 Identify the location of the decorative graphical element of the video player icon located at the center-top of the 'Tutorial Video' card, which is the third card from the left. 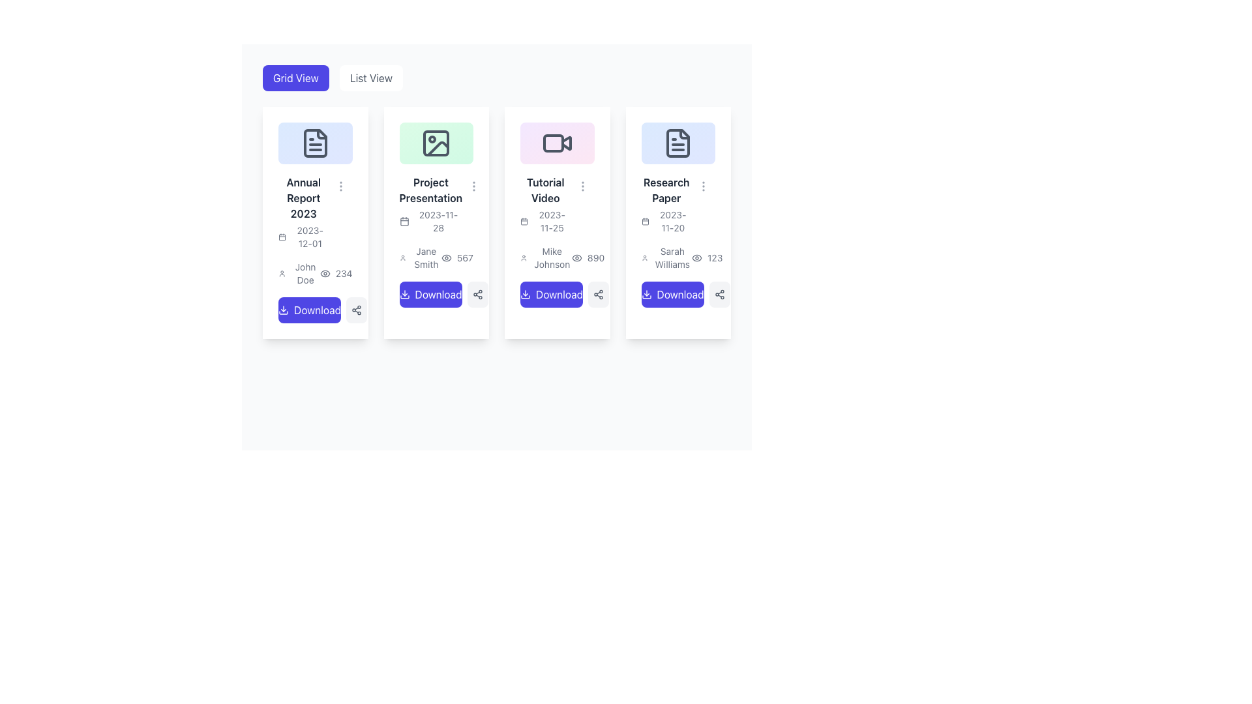
(566, 143).